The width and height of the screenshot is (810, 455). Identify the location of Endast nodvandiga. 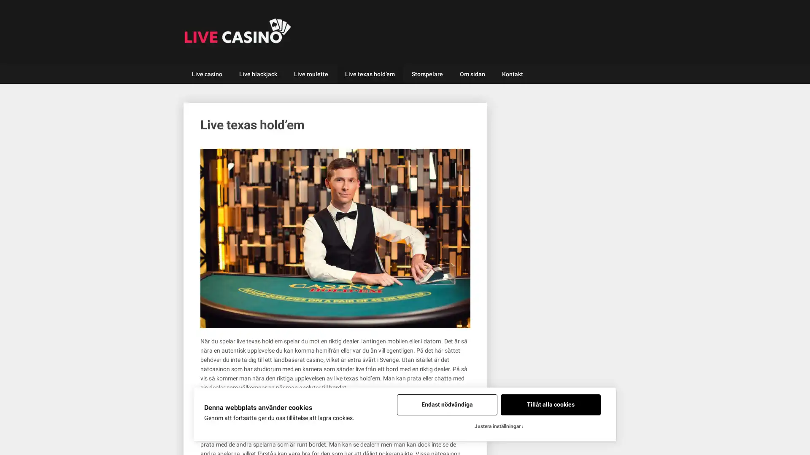
(446, 404).